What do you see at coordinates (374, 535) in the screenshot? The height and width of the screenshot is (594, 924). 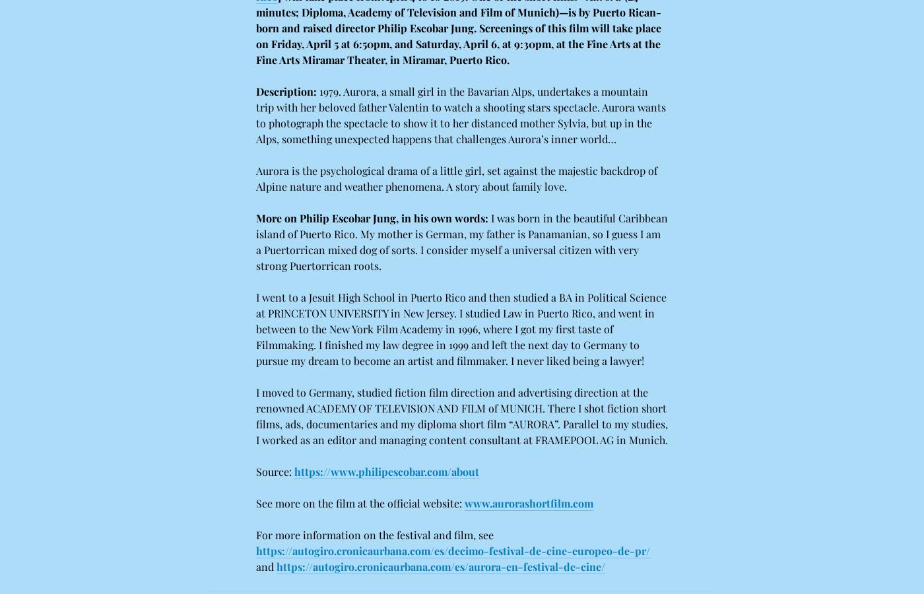 I see `'For more information on the festival and film, see'` at bounding box center [374, 535].